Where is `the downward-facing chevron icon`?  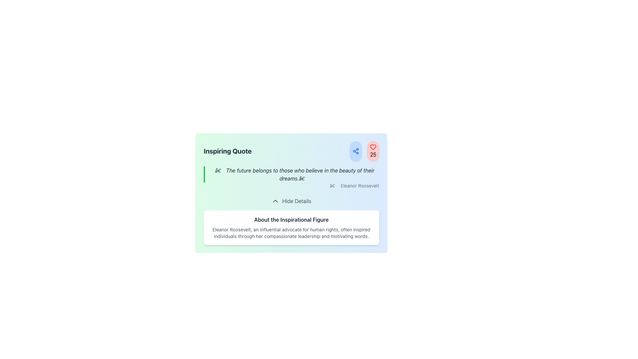 the downward-facing chevron icon is located at coordinates (275, 201).